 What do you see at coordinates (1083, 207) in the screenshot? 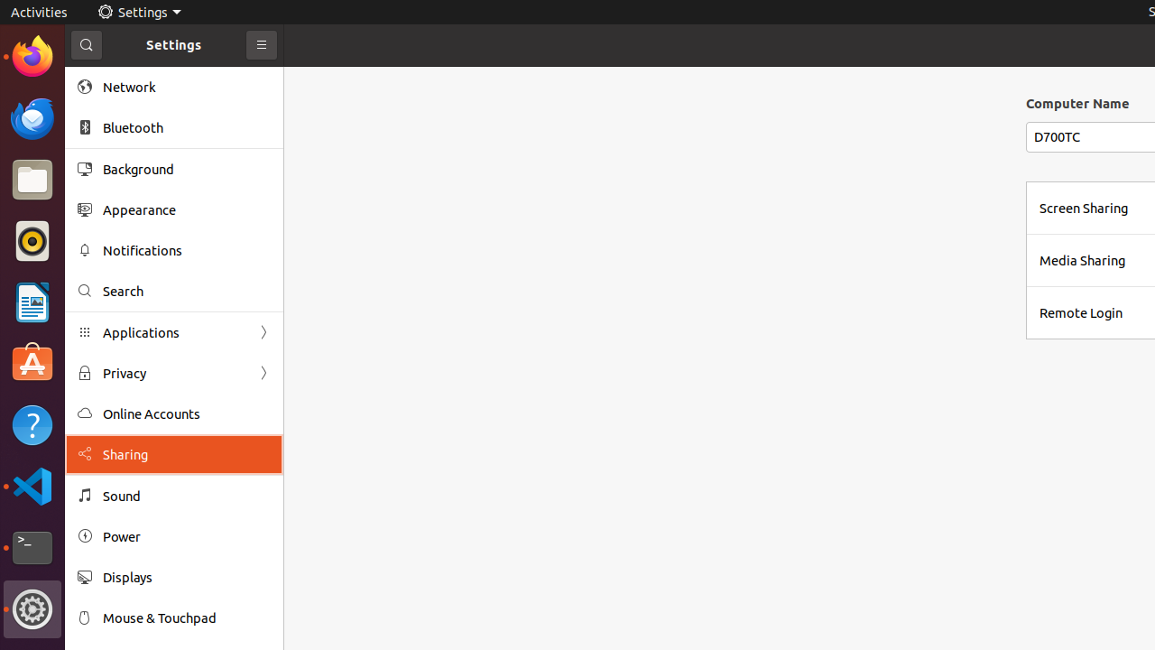
I see `'Screen Sharing'` at bounding box center [1083, 207].